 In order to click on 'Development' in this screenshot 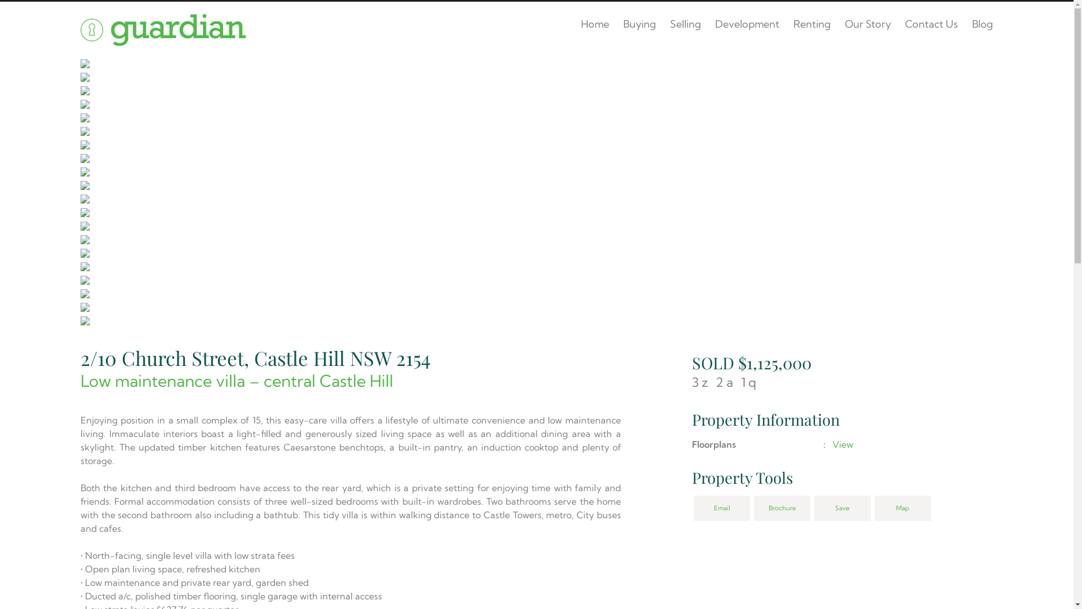, I will do `click(747, 24)`.